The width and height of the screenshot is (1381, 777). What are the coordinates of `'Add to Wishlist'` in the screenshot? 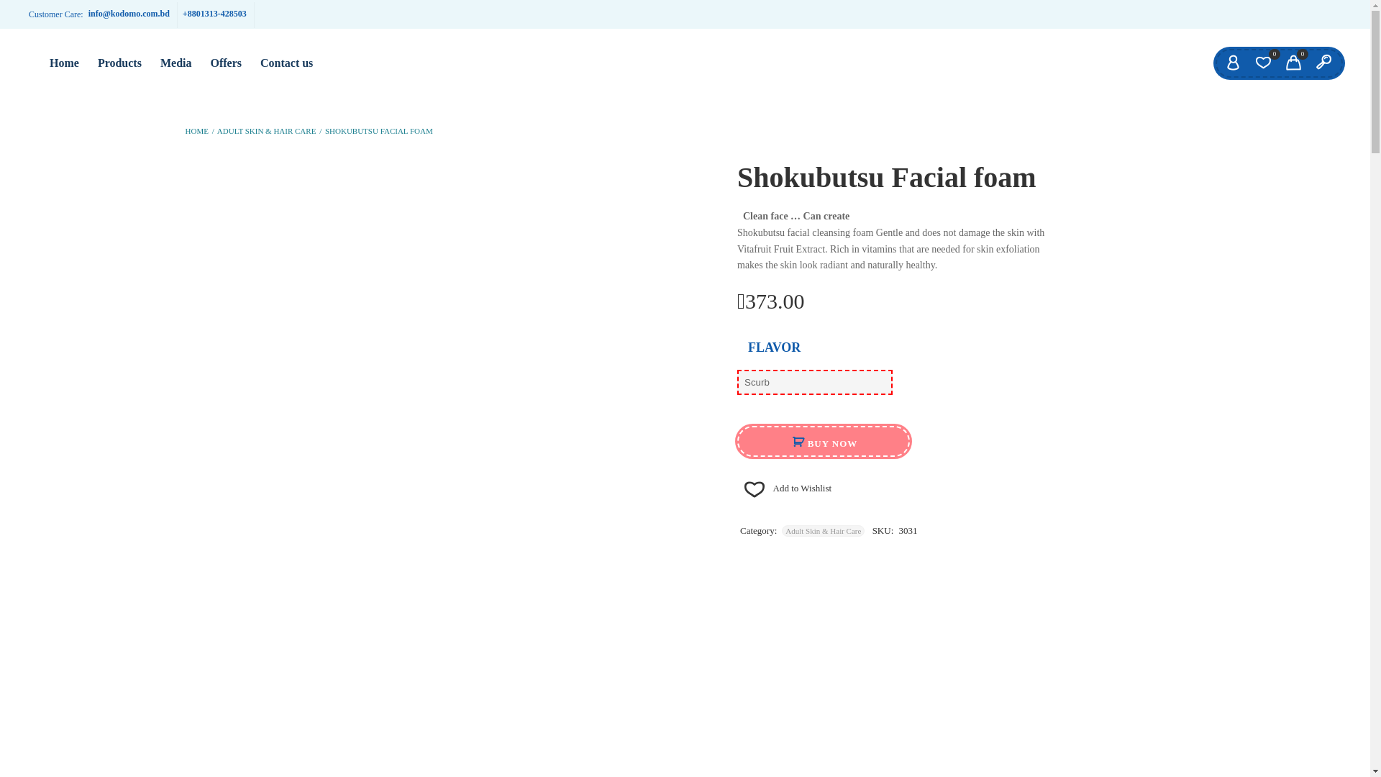 It's located at (783, 487).